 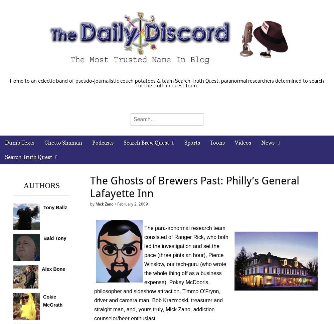 What do you see at coordinates (5, 143) in the screenshot?
I see `'Dumb Texts'` at bounding box center [5, 143].